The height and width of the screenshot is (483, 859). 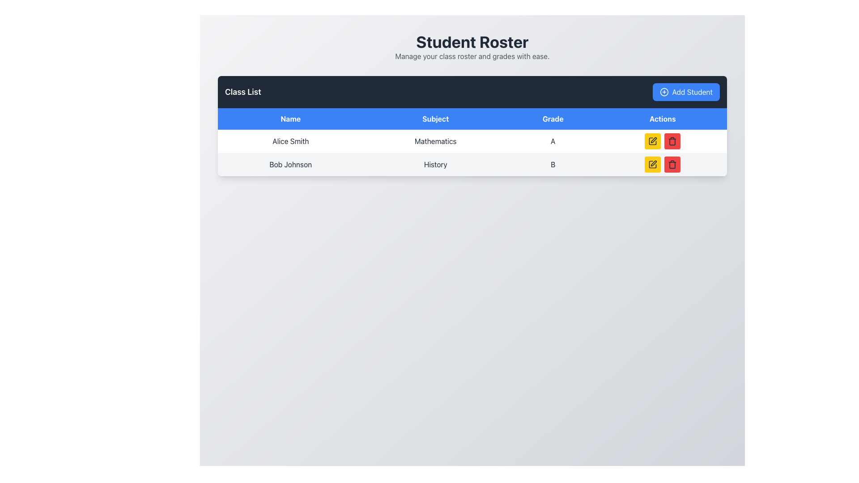 I want to click on the edit icon in the Actions column for the row corresponding to 'Alice Smith', so click(x=653, y=141).